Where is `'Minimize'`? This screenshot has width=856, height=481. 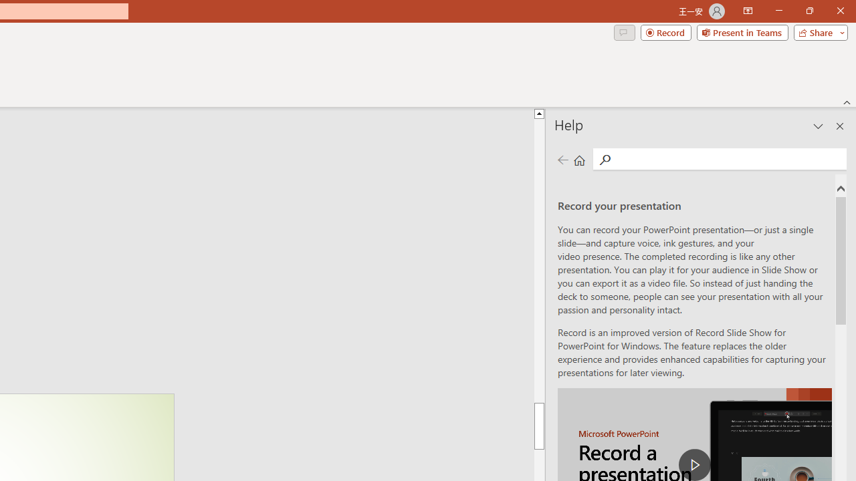 'Minimize' is located at coordinates (778, 11).